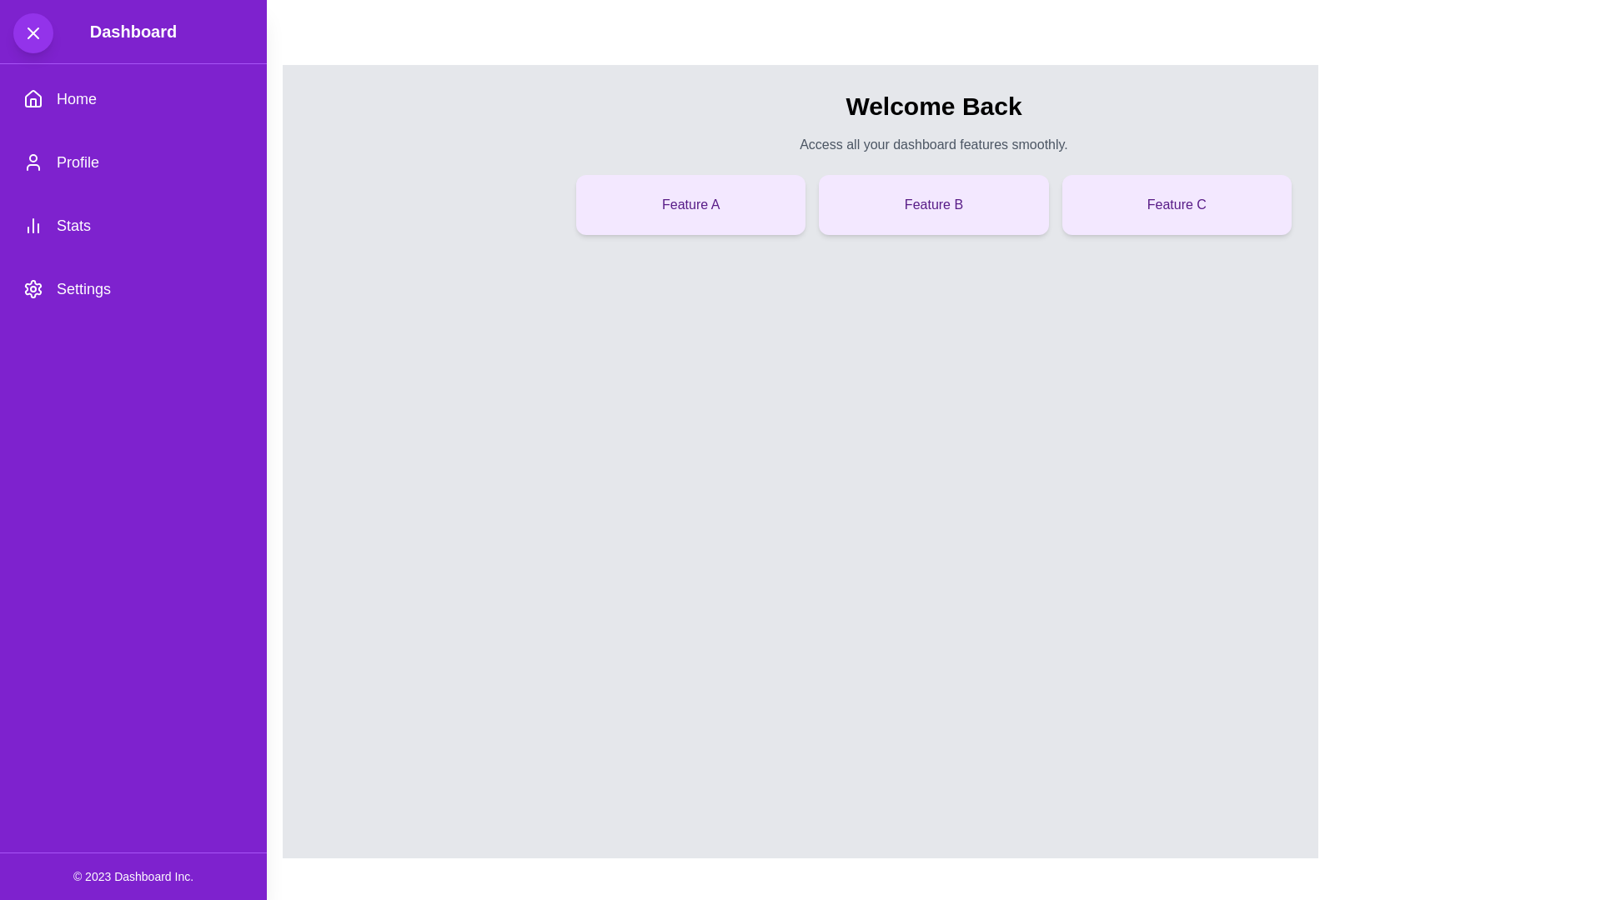  I want to click on the door graphic element of the house icon located at the bottom-center of the icon, which is adjacent to the 'Home' text in the left-hand vertical navigation menu, so click(33, 102).